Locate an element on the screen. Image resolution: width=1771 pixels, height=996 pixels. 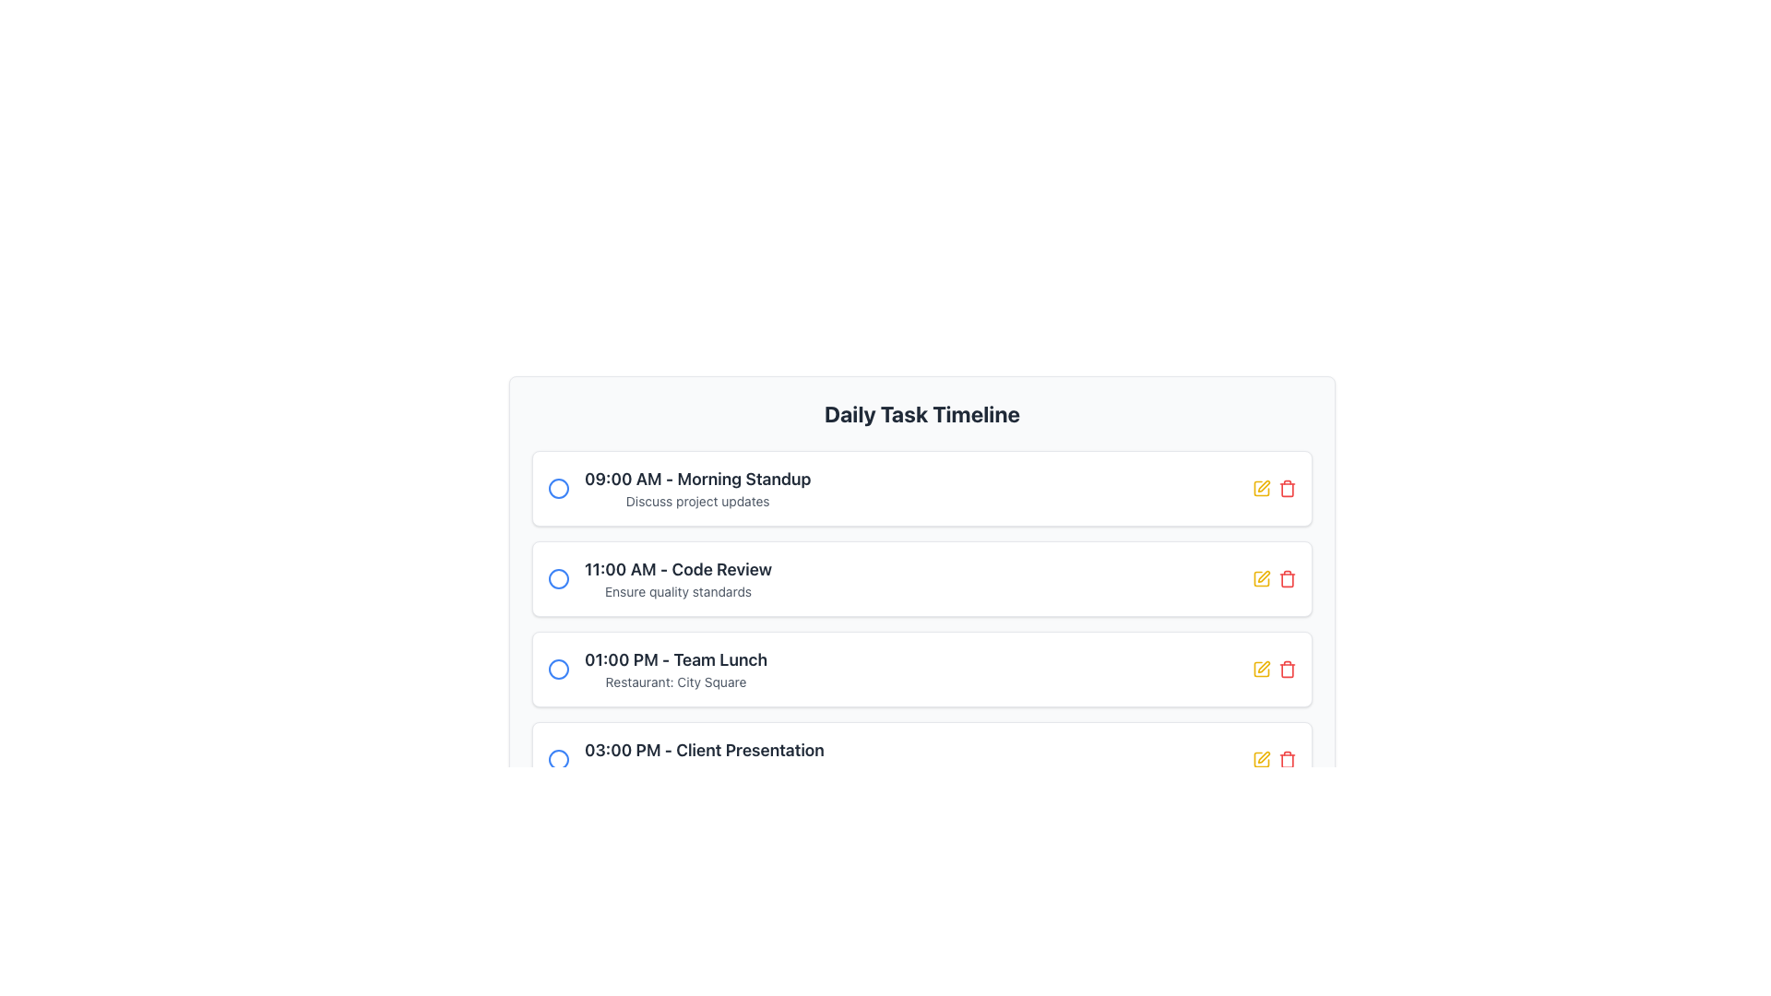
the editing icon component that suggests the option to edit task details, located to the right of the task labeled '11:00 AM - Code Review.' is located at coordinates (1261, 760).